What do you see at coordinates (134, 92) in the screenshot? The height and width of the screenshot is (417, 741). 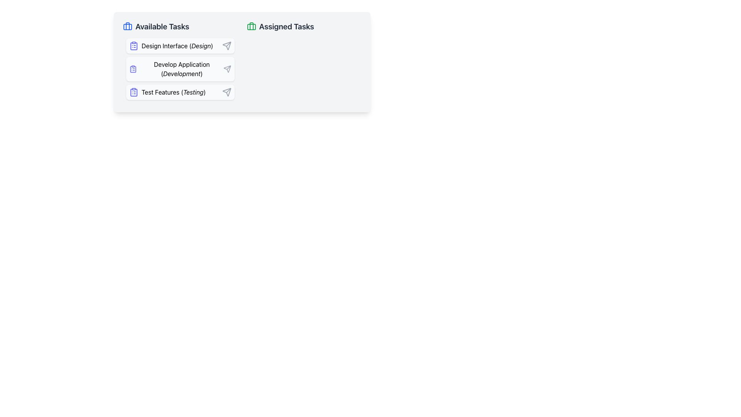 I see `the clipboard icon component that represents a task list, located to the left of the 'Test Features (Testing)' task in the 'Available Tasks' section` at bounding box center [134, 92].